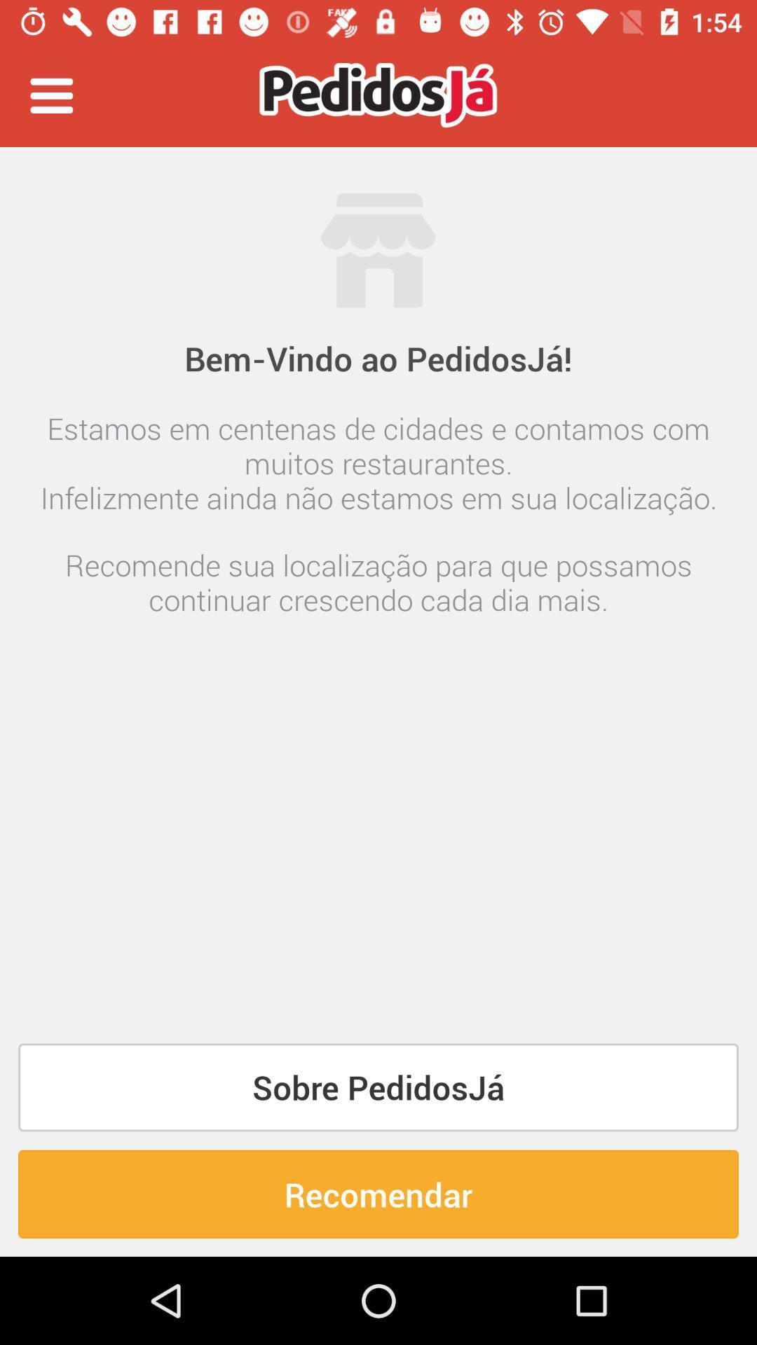 This screenshot has width=757, height=1345. Describe the element at coordinates (378, 1087) in the screenshot. I see `the icon above the recomendar icon` at that location.